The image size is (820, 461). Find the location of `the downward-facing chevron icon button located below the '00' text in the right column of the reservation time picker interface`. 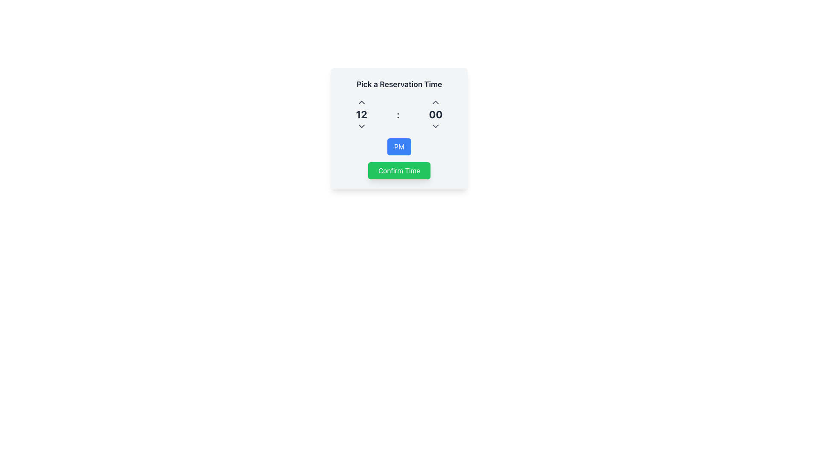

the downward-facing chevron icon button located below the '00' text in the right column of the reservation time picker interface is located at coordinates (436, 126).